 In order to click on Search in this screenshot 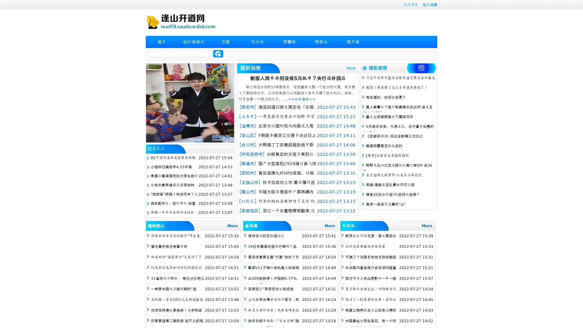, I will do `click(218, 53)`.